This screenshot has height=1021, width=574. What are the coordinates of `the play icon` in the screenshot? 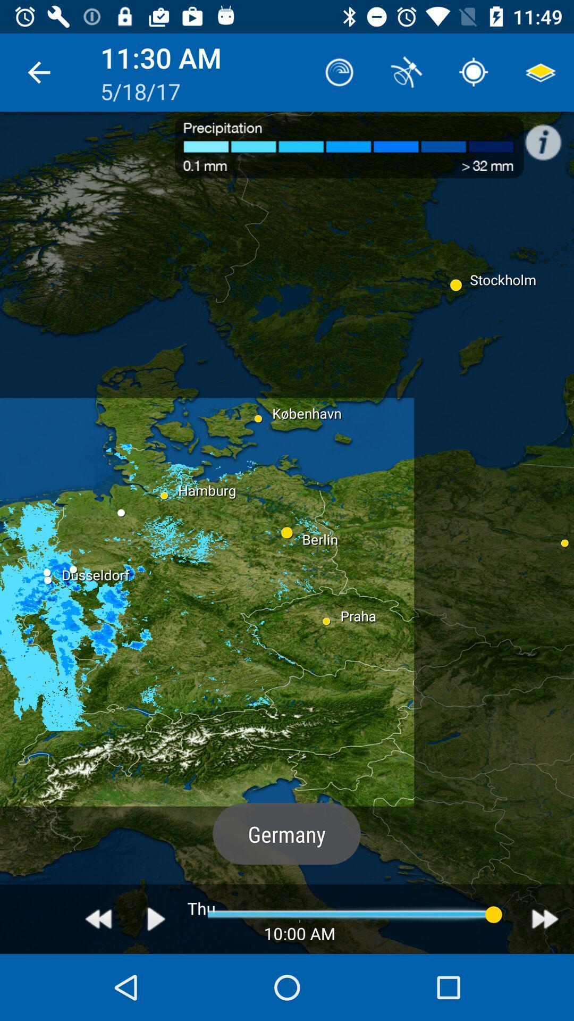 It's located at (156, 918).